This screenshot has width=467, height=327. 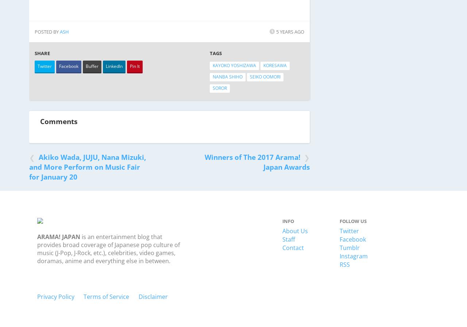 I want to click on 'Follow Us', so click(x=353, y=220).